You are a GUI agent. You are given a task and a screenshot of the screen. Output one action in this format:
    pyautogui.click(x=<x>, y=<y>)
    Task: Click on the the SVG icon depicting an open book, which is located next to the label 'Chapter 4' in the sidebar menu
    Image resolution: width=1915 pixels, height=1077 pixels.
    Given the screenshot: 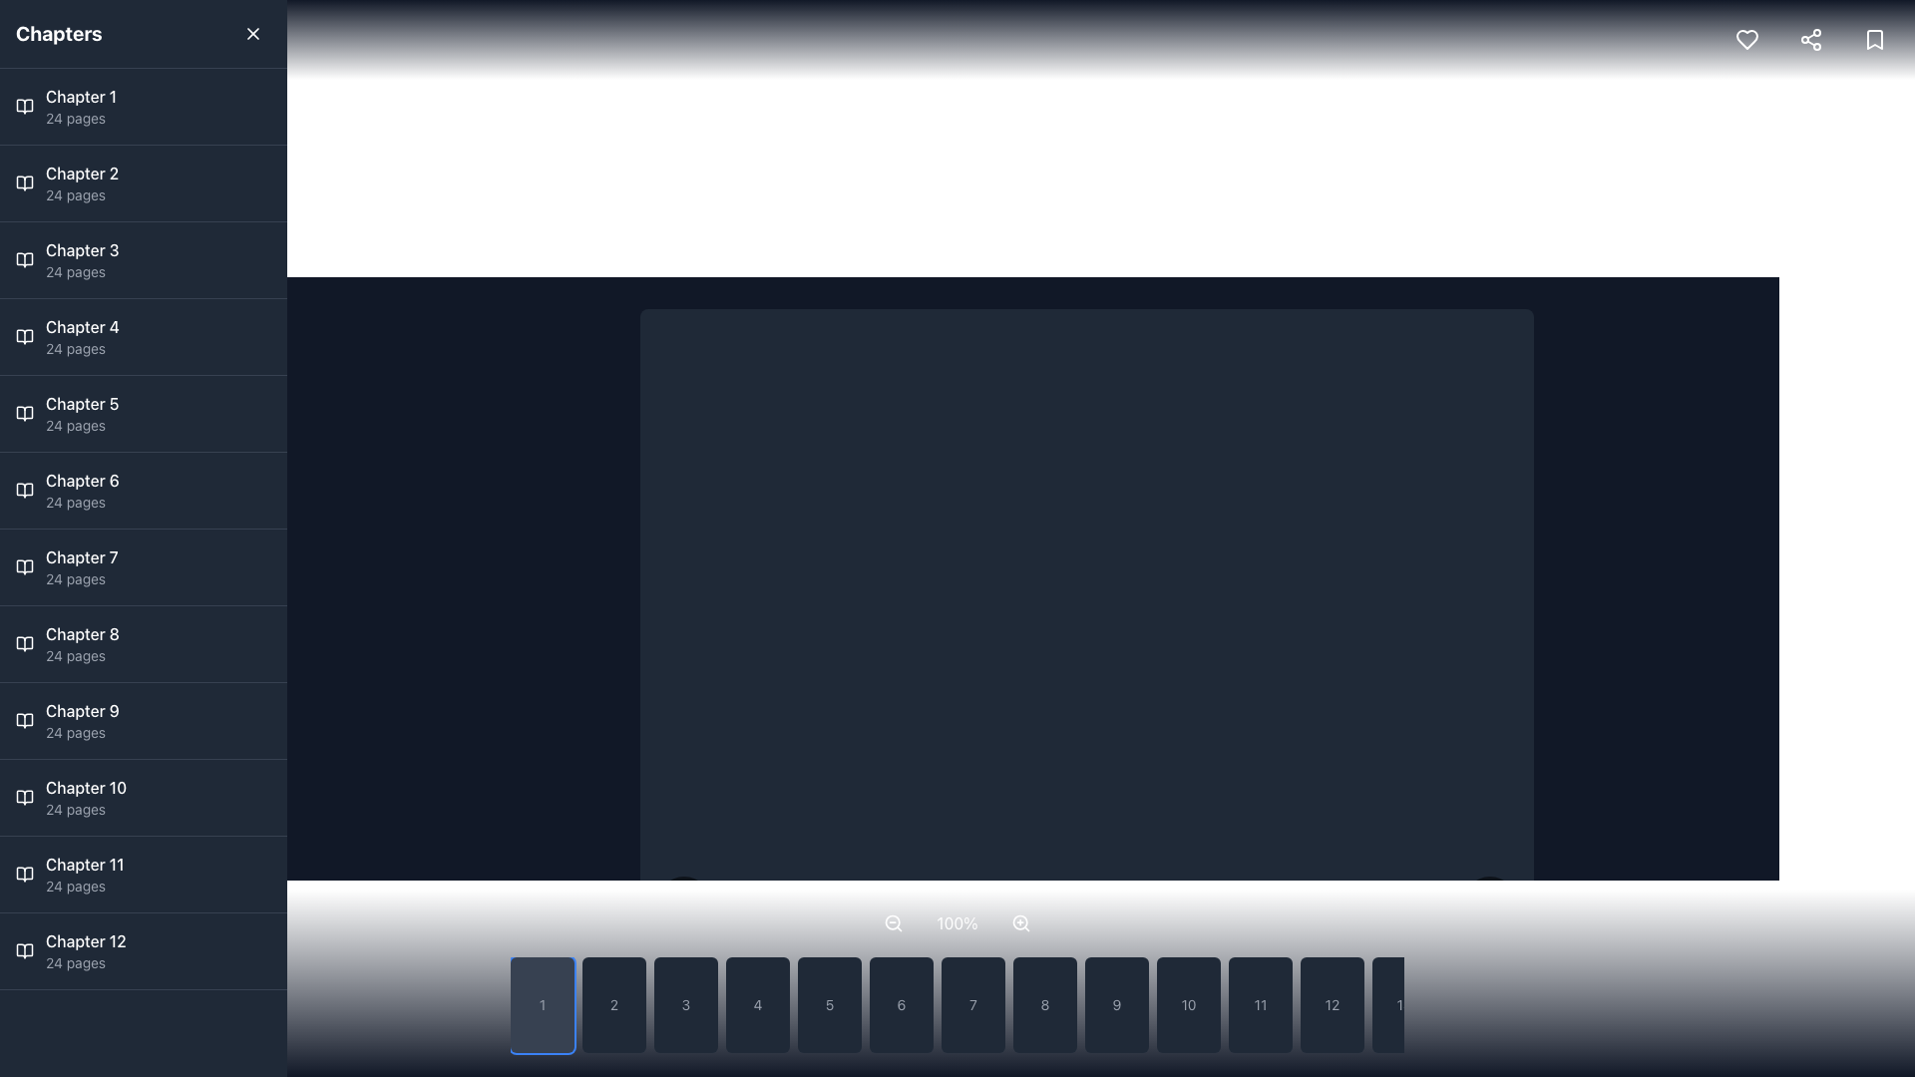 What is the action you would take?
    pyautogui.click(x=24, y=336)
    